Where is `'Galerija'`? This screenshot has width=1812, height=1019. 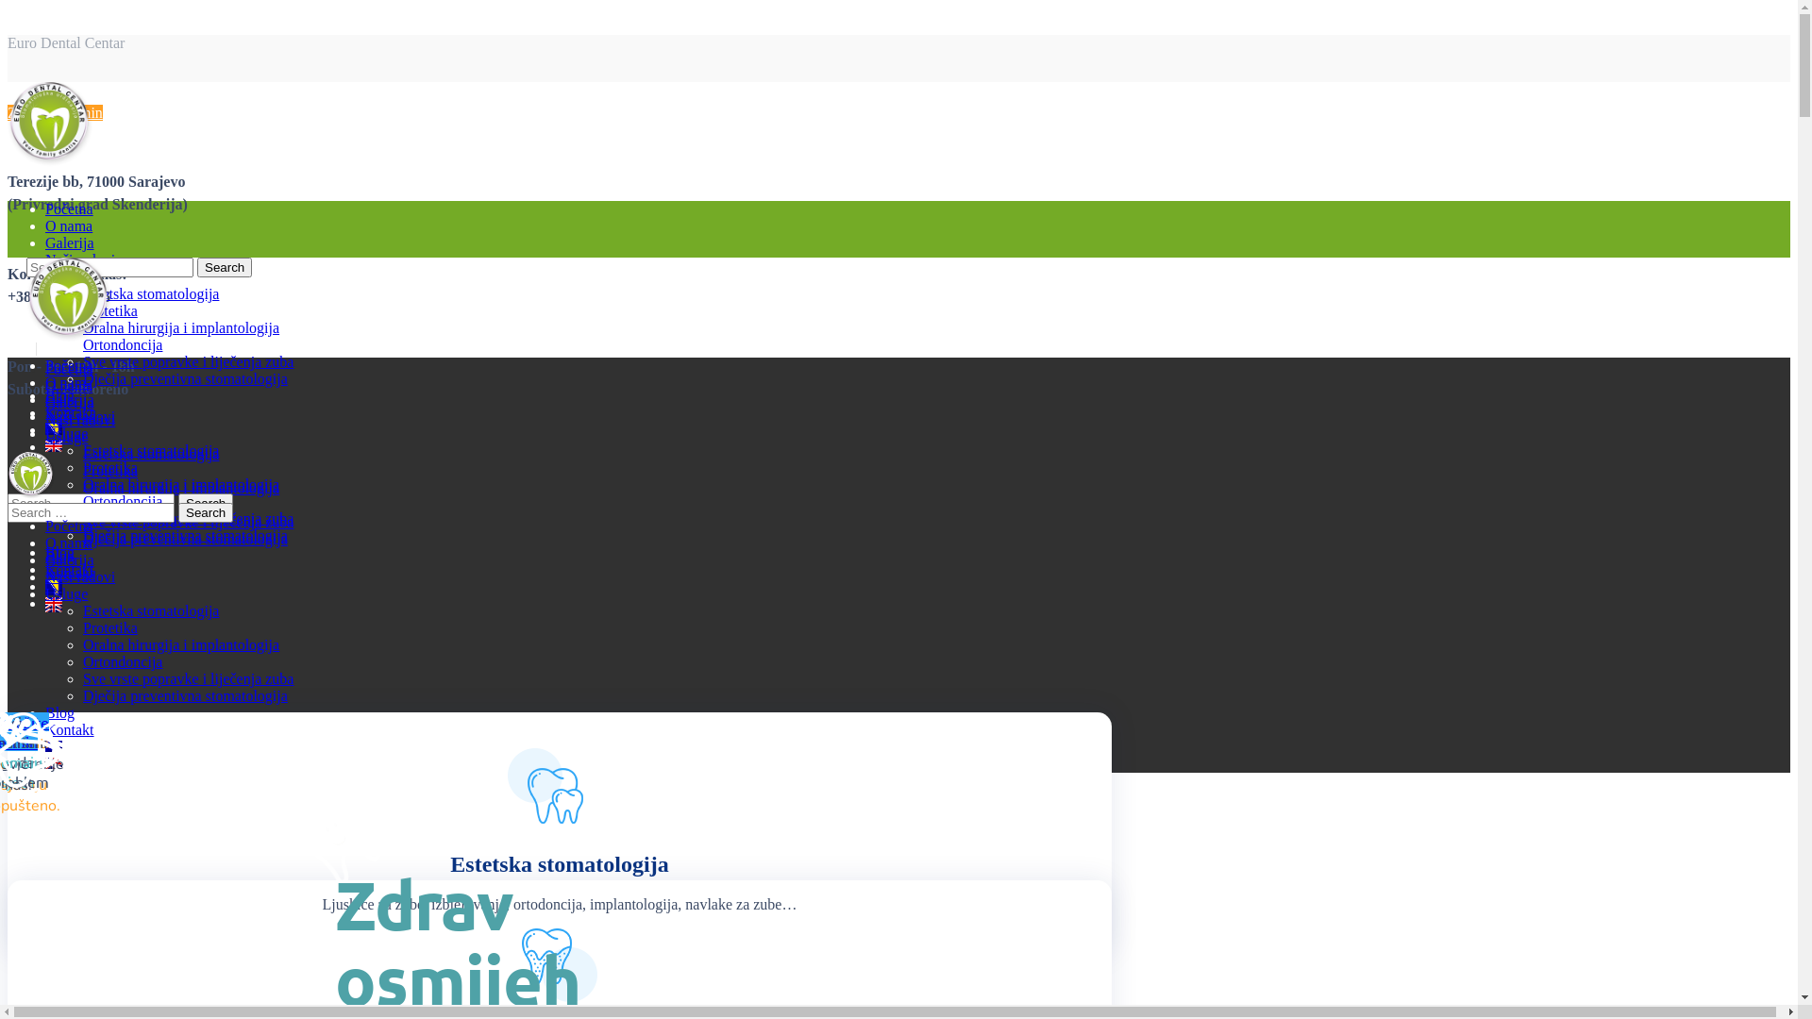
'Galerija' is located at coordinates (69, 398).